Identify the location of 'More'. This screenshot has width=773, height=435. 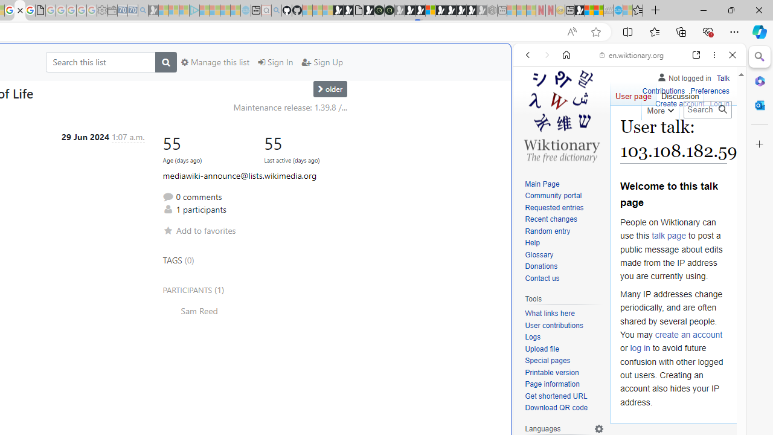
(659, 108).